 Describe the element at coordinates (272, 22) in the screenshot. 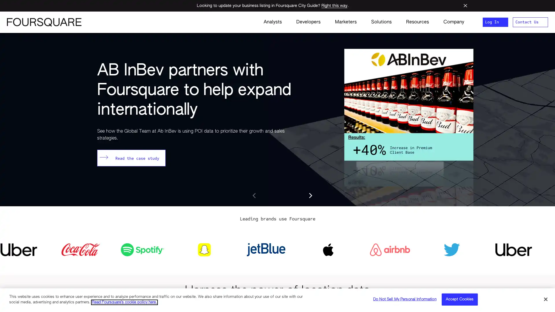

I see `Analysts` at that location.